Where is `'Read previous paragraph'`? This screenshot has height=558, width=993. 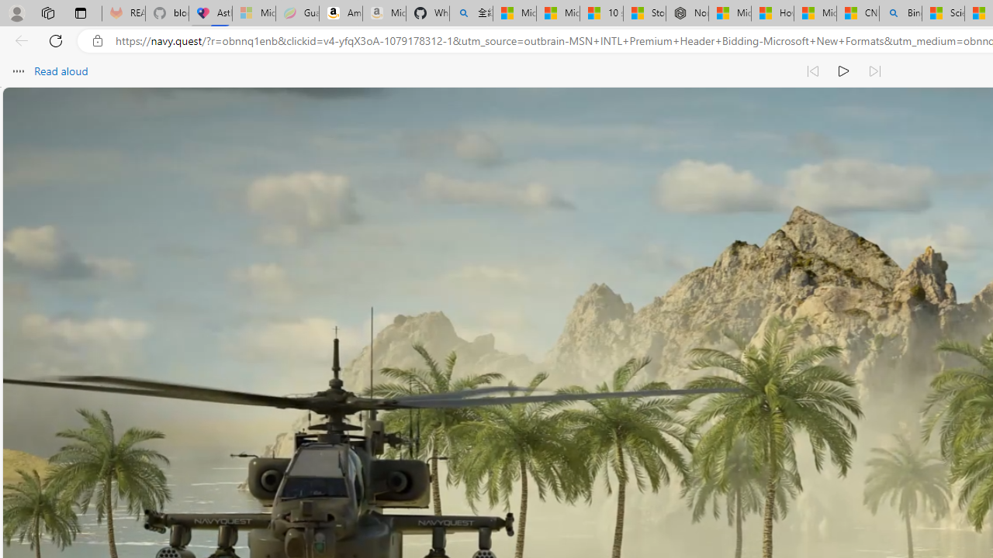 'Read previous paragraph' is located at coordinates (812, 71).